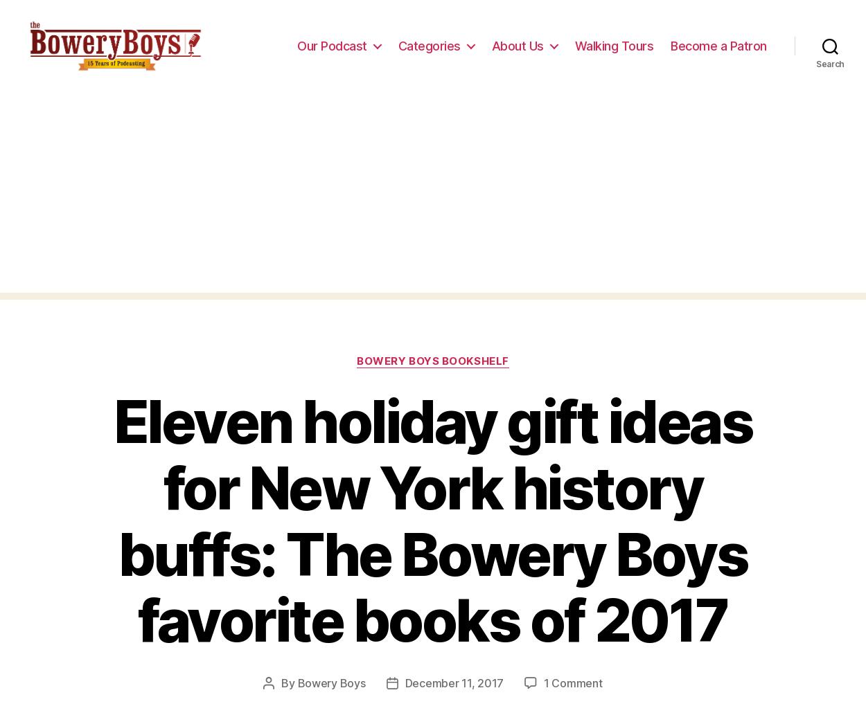 Image resolution: width=866 pixels, height=706 pixels. I want to click on 'https://uploads.disquscdn.com/images/4db1dd5bfa16619ad757915060869eefcaac790d0d5ec51efe4356ee7ca3cd67.jpg', so click(429, 149).